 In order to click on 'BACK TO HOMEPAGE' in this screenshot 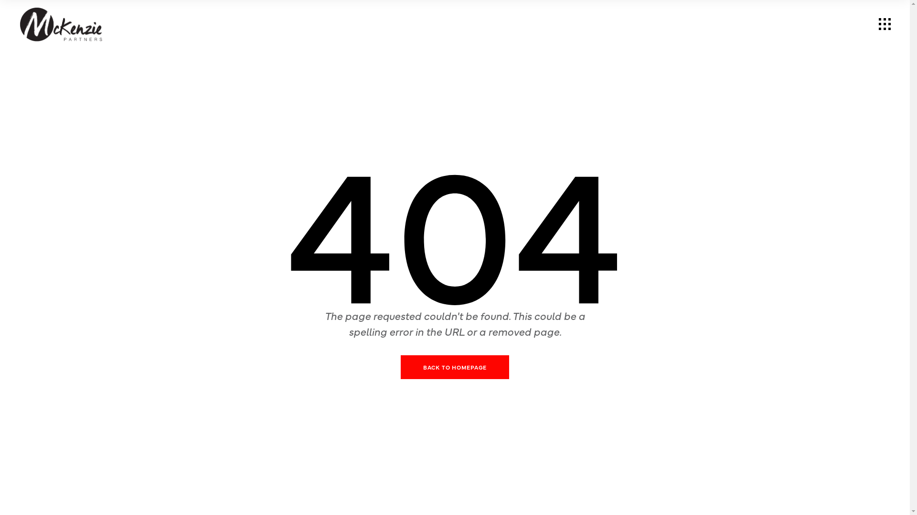, I will do `click(454, 367)`.